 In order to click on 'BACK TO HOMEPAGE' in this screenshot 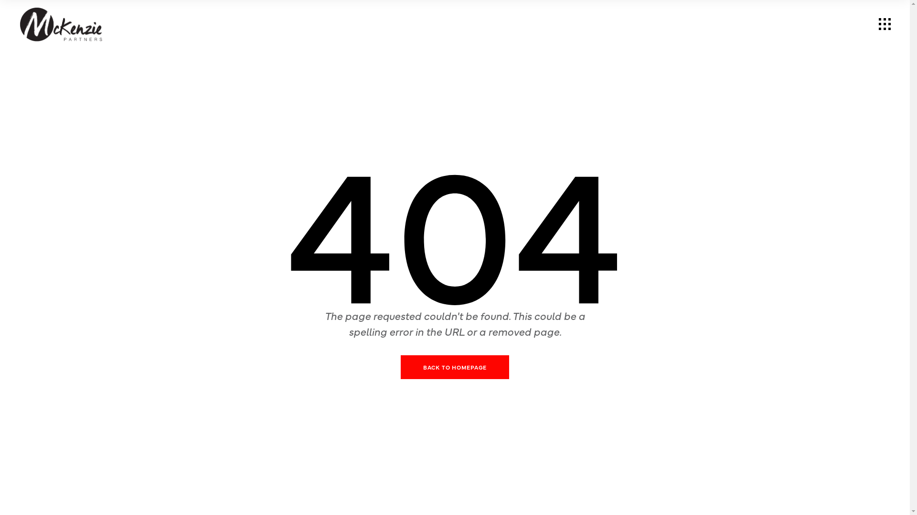, I will do `click(454, 367)`.